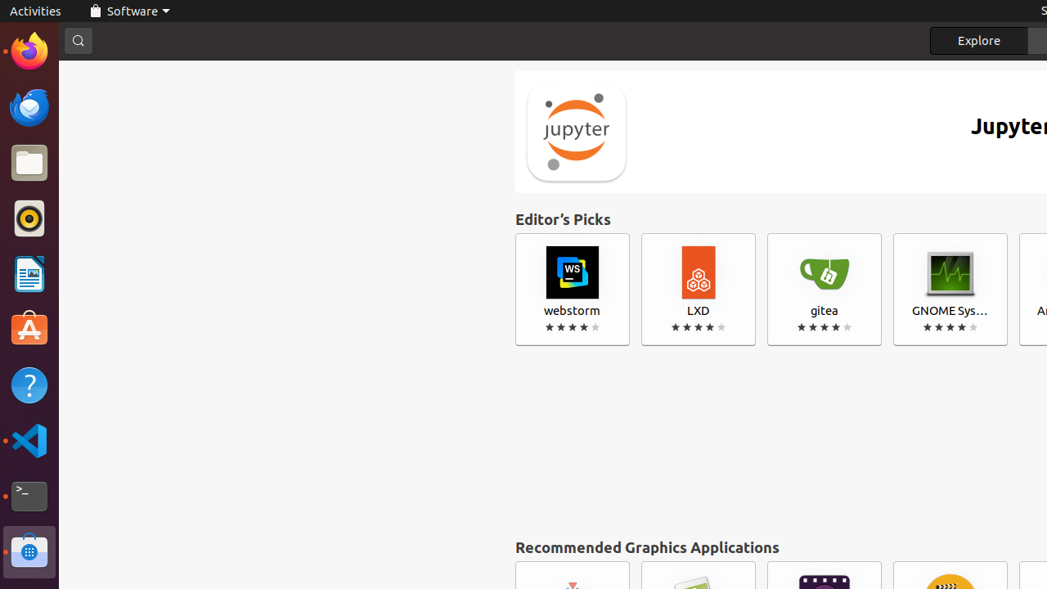  I want to click on 'Activities', so click(35, 11).